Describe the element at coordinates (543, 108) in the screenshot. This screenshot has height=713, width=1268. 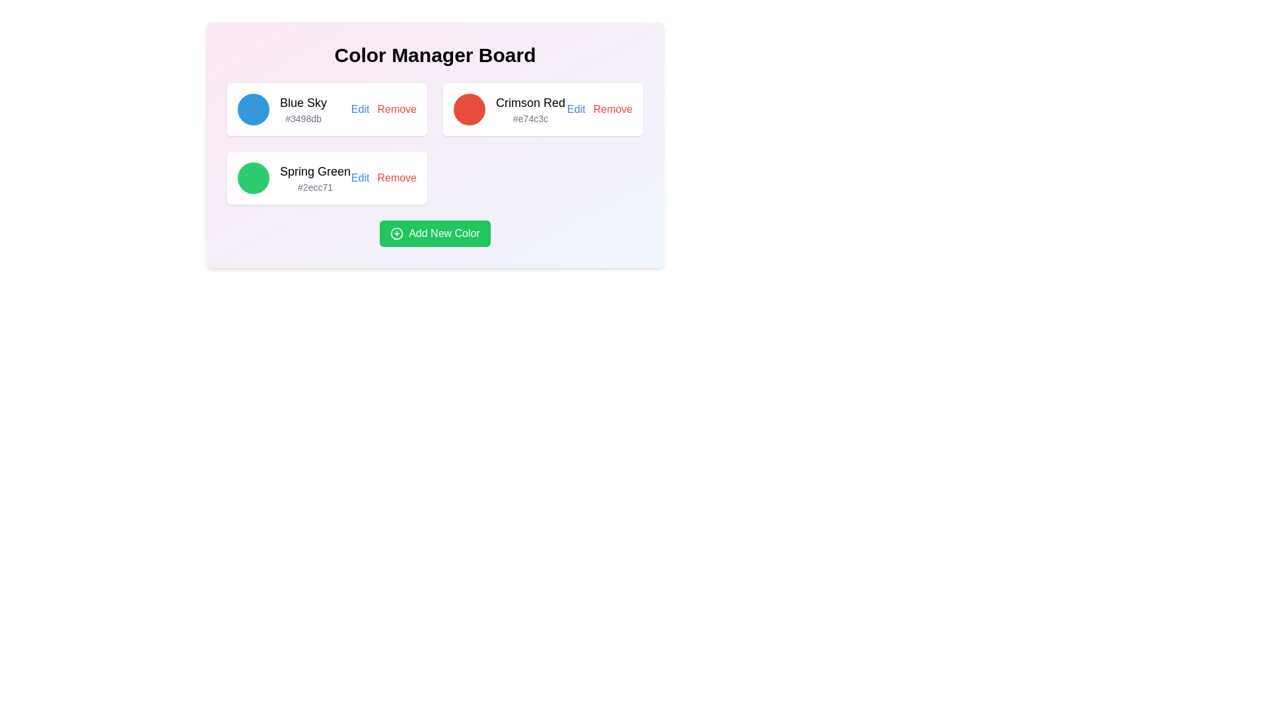
I see `the second color information card in the color management interface` at that location.